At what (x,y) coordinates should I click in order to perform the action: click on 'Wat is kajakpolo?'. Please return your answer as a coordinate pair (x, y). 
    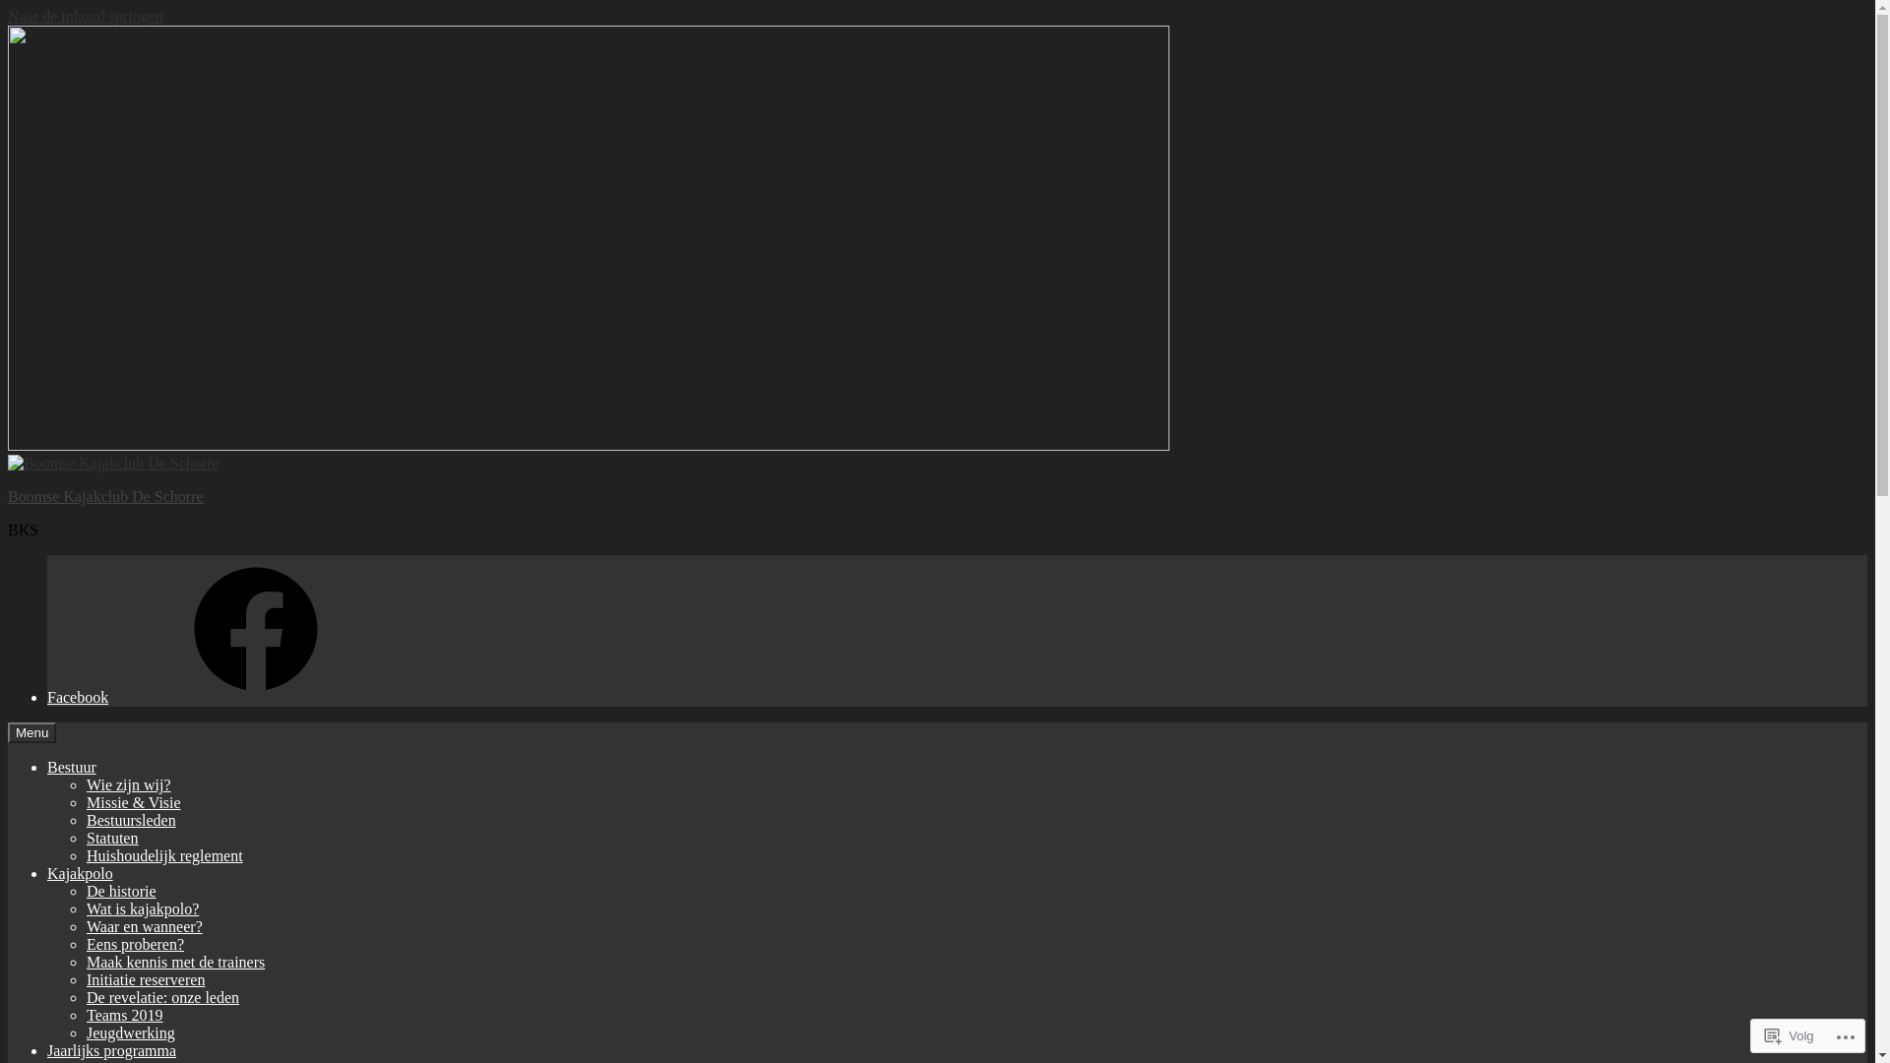
    Looking at the image, I should click on (141, 908).